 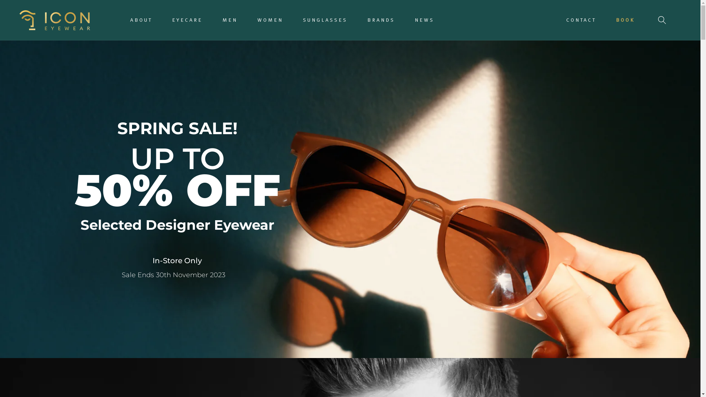 What do you see at coordinates (581, 19) in the screenshot?
I see `'CONTACT'` at bounding box center [581, 19].